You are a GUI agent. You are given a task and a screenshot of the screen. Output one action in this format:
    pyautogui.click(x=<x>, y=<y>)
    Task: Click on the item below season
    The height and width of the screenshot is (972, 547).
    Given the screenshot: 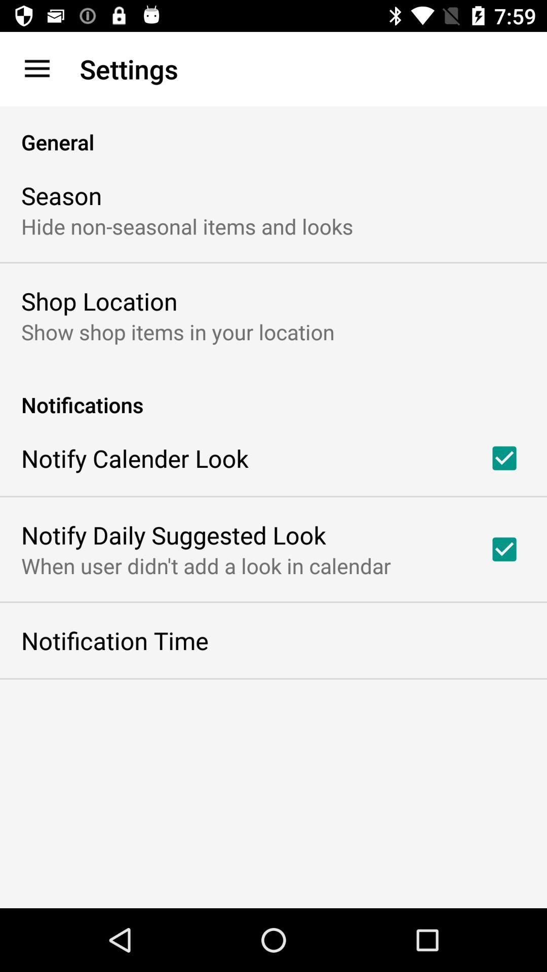 What is the action you would take?
    pyautogui.click(x=187, y=225)
    